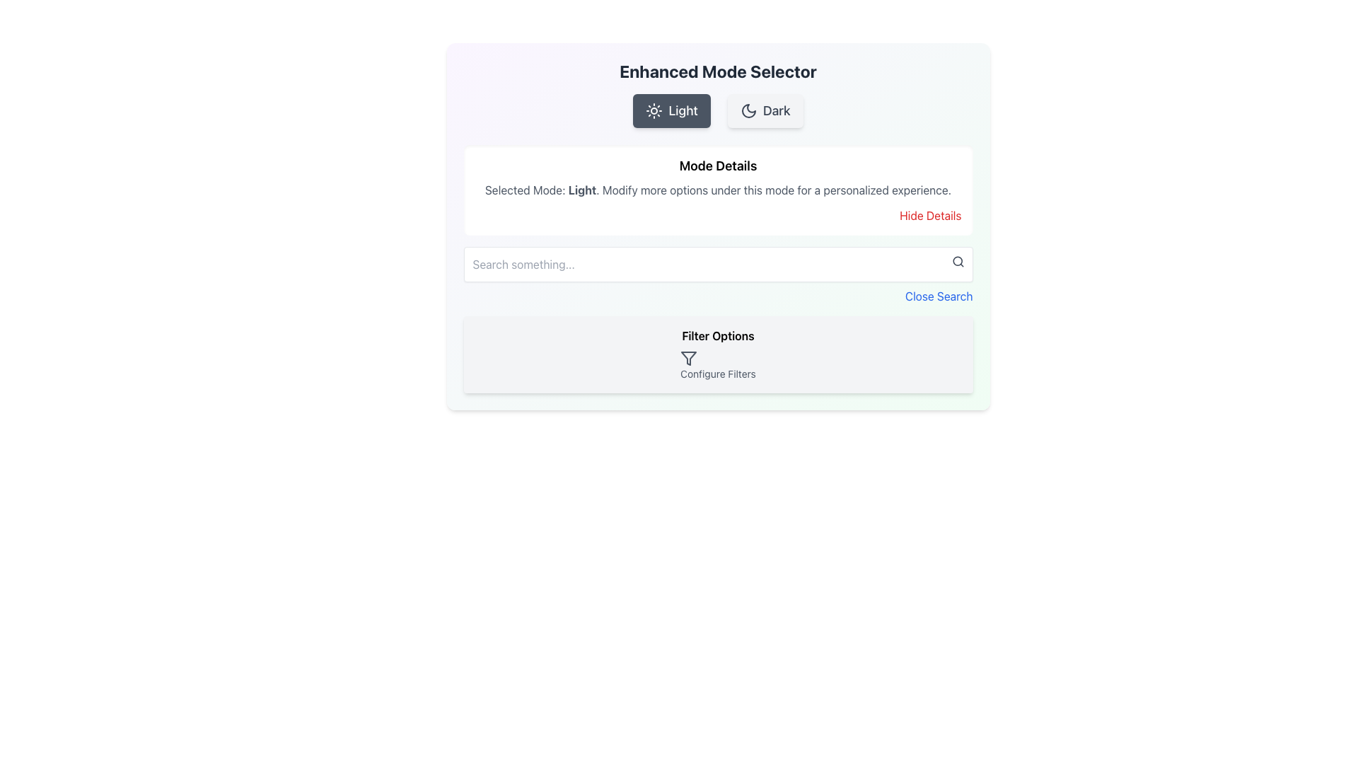 This screenshot has height=764, width=1358. What do you see at coordinates (718, 71) in the screenshot?
I see `the Text Label that serves as the title or header for the section indicating the purpose of the interface below it, specifically for the mode selection menu` at bounding box center [718, 71].